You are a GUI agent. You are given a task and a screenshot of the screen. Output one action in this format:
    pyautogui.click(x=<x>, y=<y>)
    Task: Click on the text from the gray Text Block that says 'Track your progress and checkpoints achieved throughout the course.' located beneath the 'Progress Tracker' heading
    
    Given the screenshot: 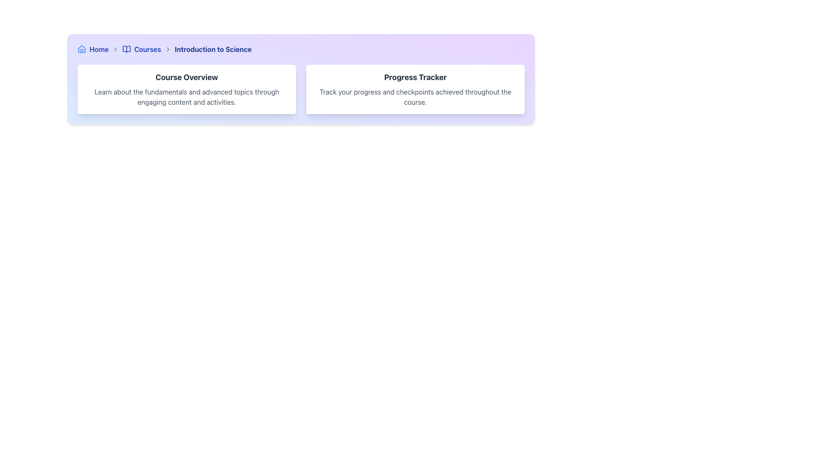 What is the action you would take?
    pyautogui.click(x=415, y=96)
    